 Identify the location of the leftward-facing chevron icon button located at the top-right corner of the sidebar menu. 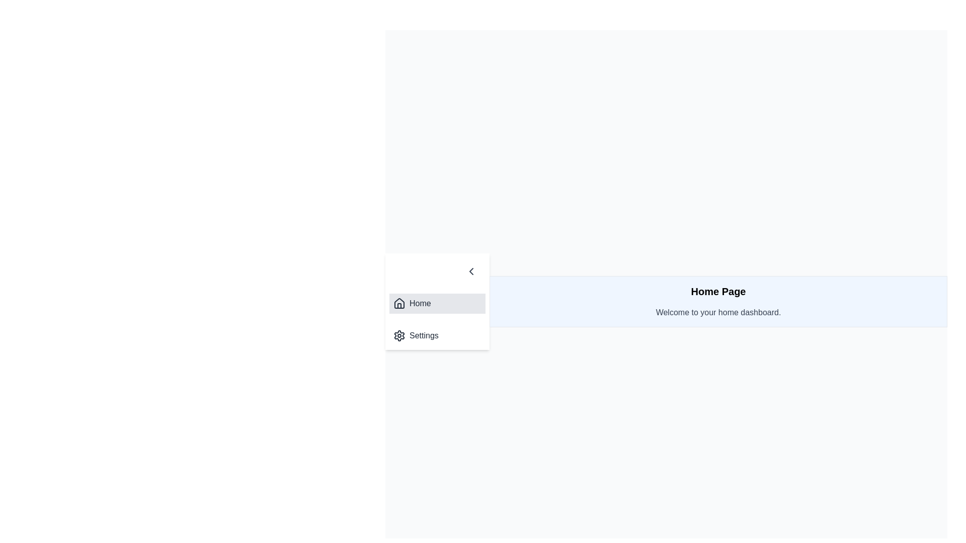
(471, 271).